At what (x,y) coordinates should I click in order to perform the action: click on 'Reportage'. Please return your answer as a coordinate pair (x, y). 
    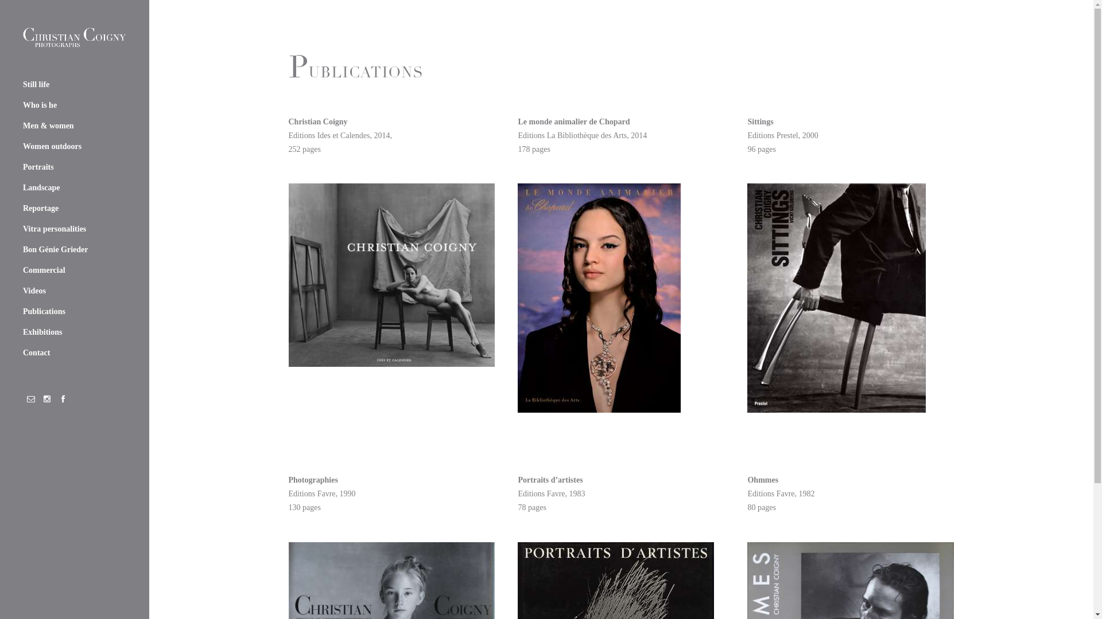
    Looking at the image, I should click on (22, 208).